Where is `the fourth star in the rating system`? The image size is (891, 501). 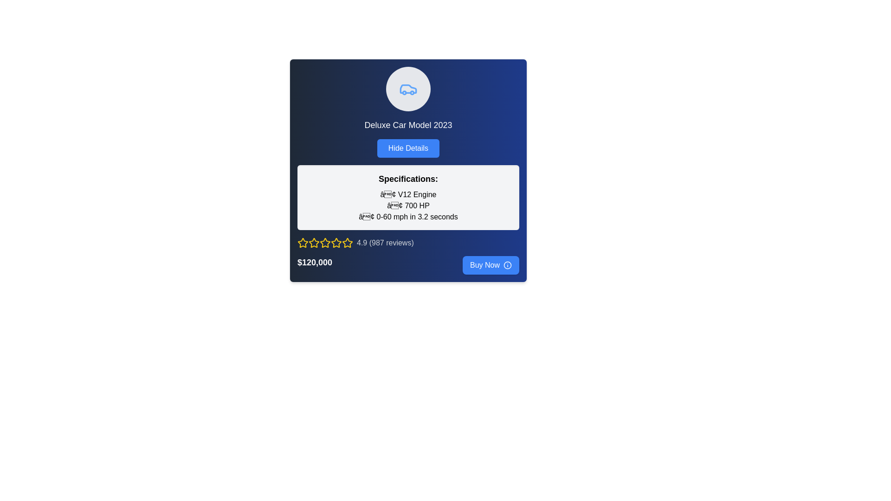
the fourth star in the rating system is located at coordinates (336, 242).